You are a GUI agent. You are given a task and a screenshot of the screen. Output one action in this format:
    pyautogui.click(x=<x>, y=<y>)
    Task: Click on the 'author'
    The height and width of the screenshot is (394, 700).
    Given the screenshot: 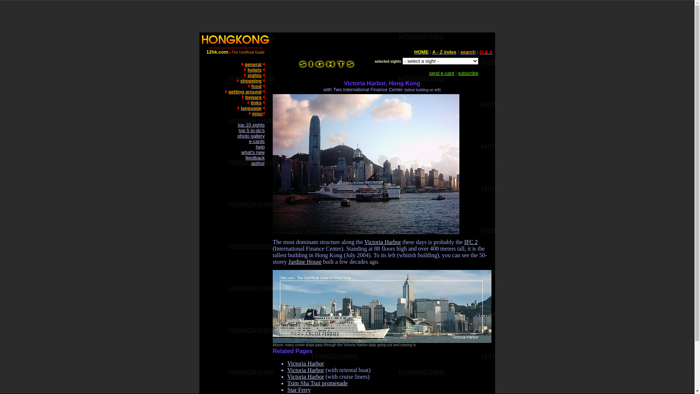 What is the action you would take?
    pyautogui.click(x=251, y=163)
    